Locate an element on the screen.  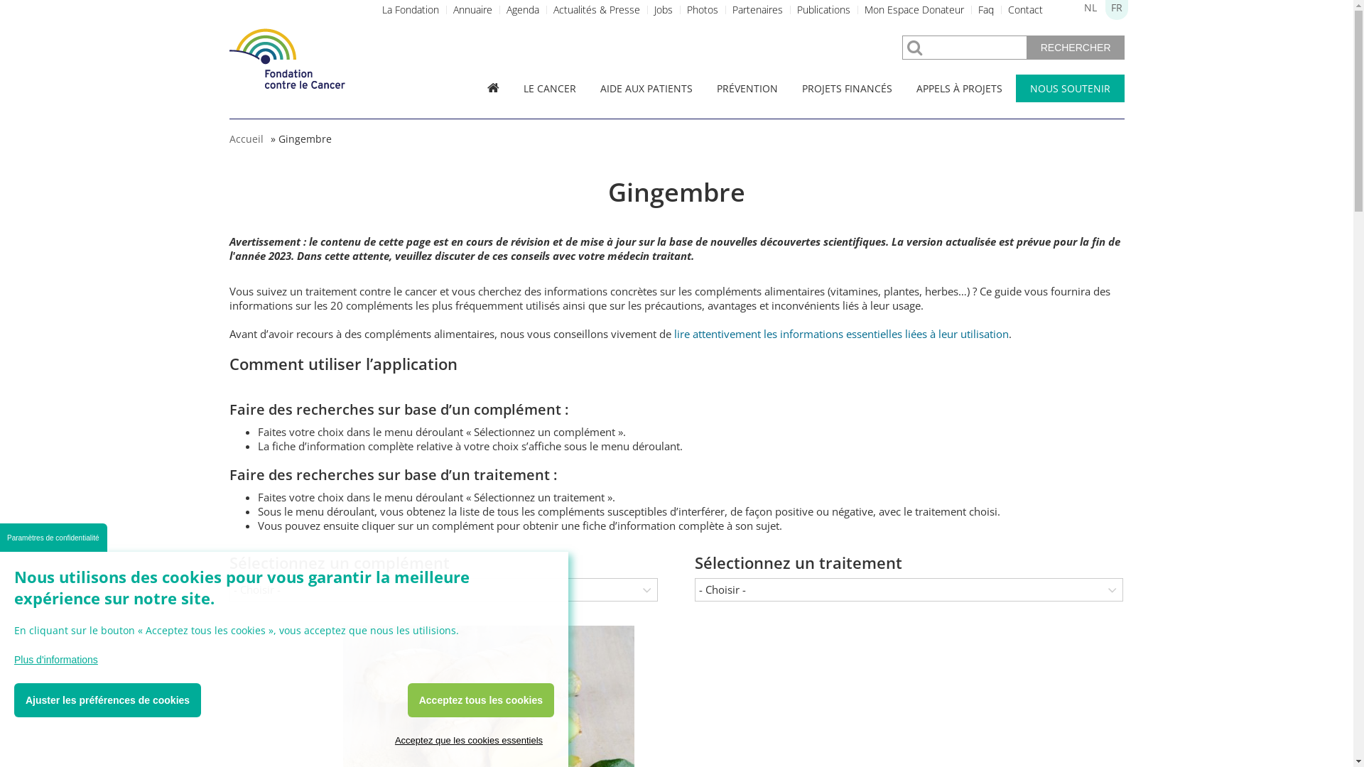
'Rechercher' is located at coordinates (1027, 46).